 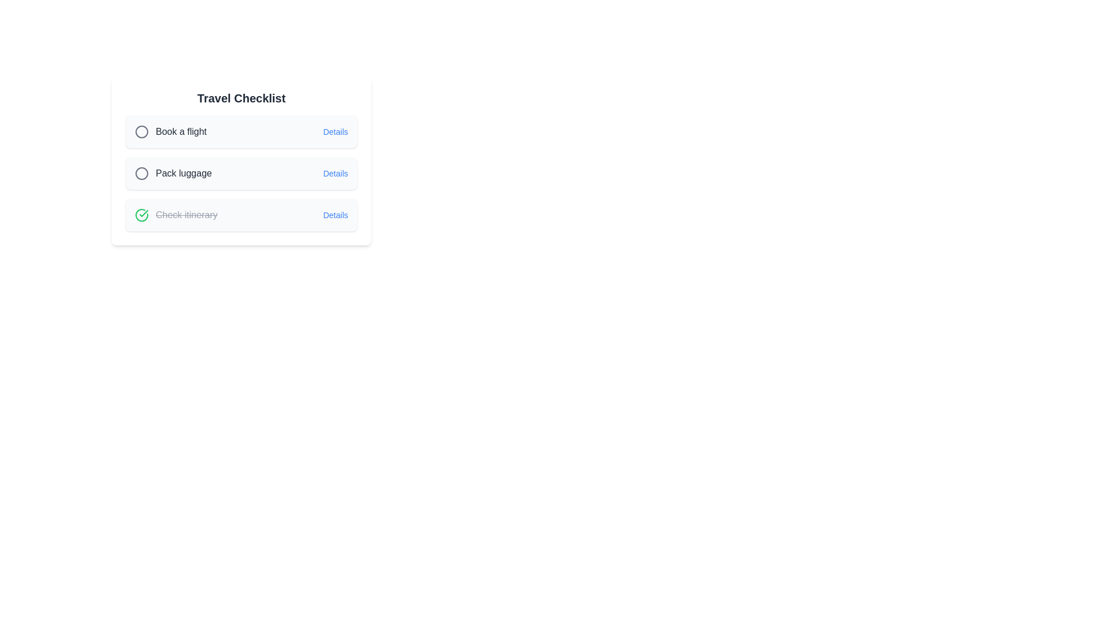 I want to click on the circle icon representing the pending task state in the checklist, located on the second row before the text 'Pack luggage', so click(x=141, y=174).